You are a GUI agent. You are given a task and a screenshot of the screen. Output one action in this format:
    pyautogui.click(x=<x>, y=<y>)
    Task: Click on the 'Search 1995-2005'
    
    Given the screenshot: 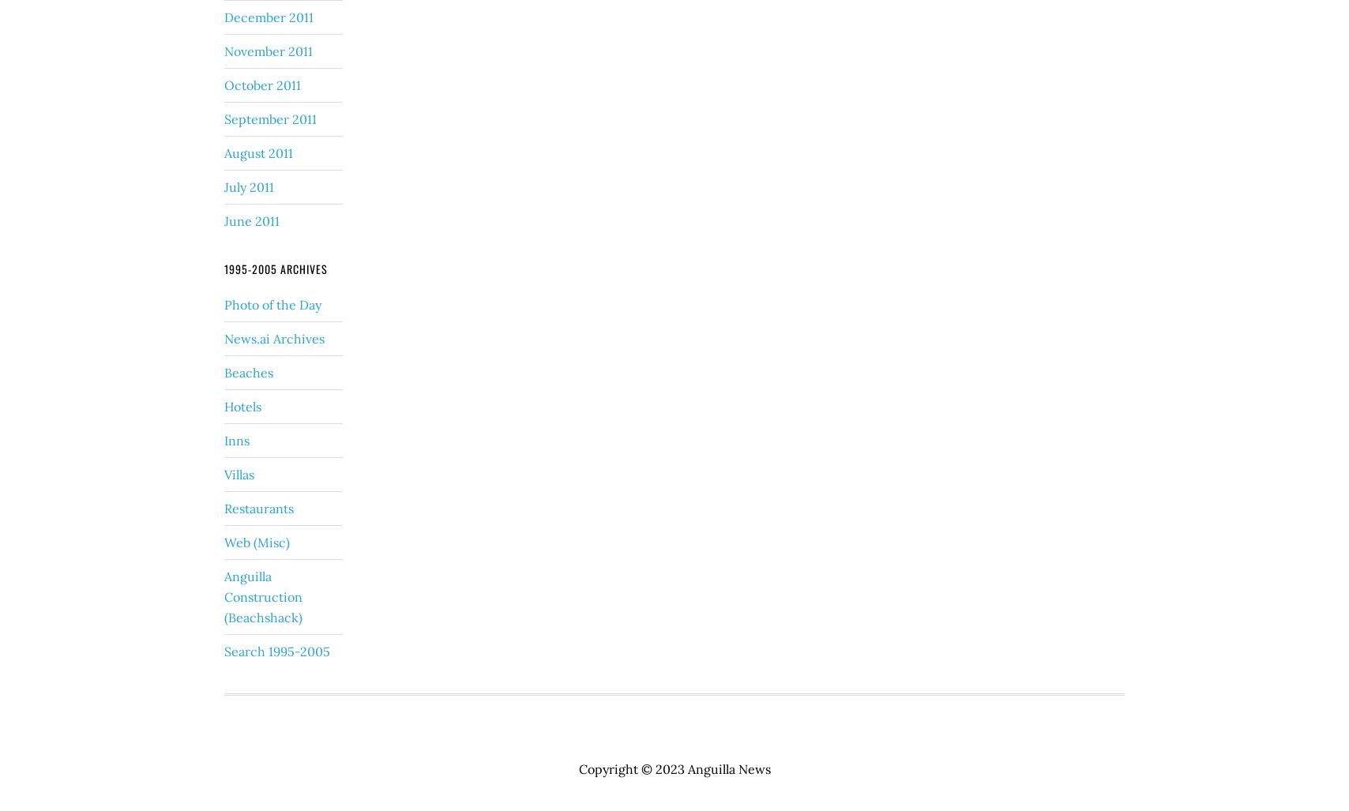 What is the action you would take?
    pyautogui.click(x=276, y=651)
    